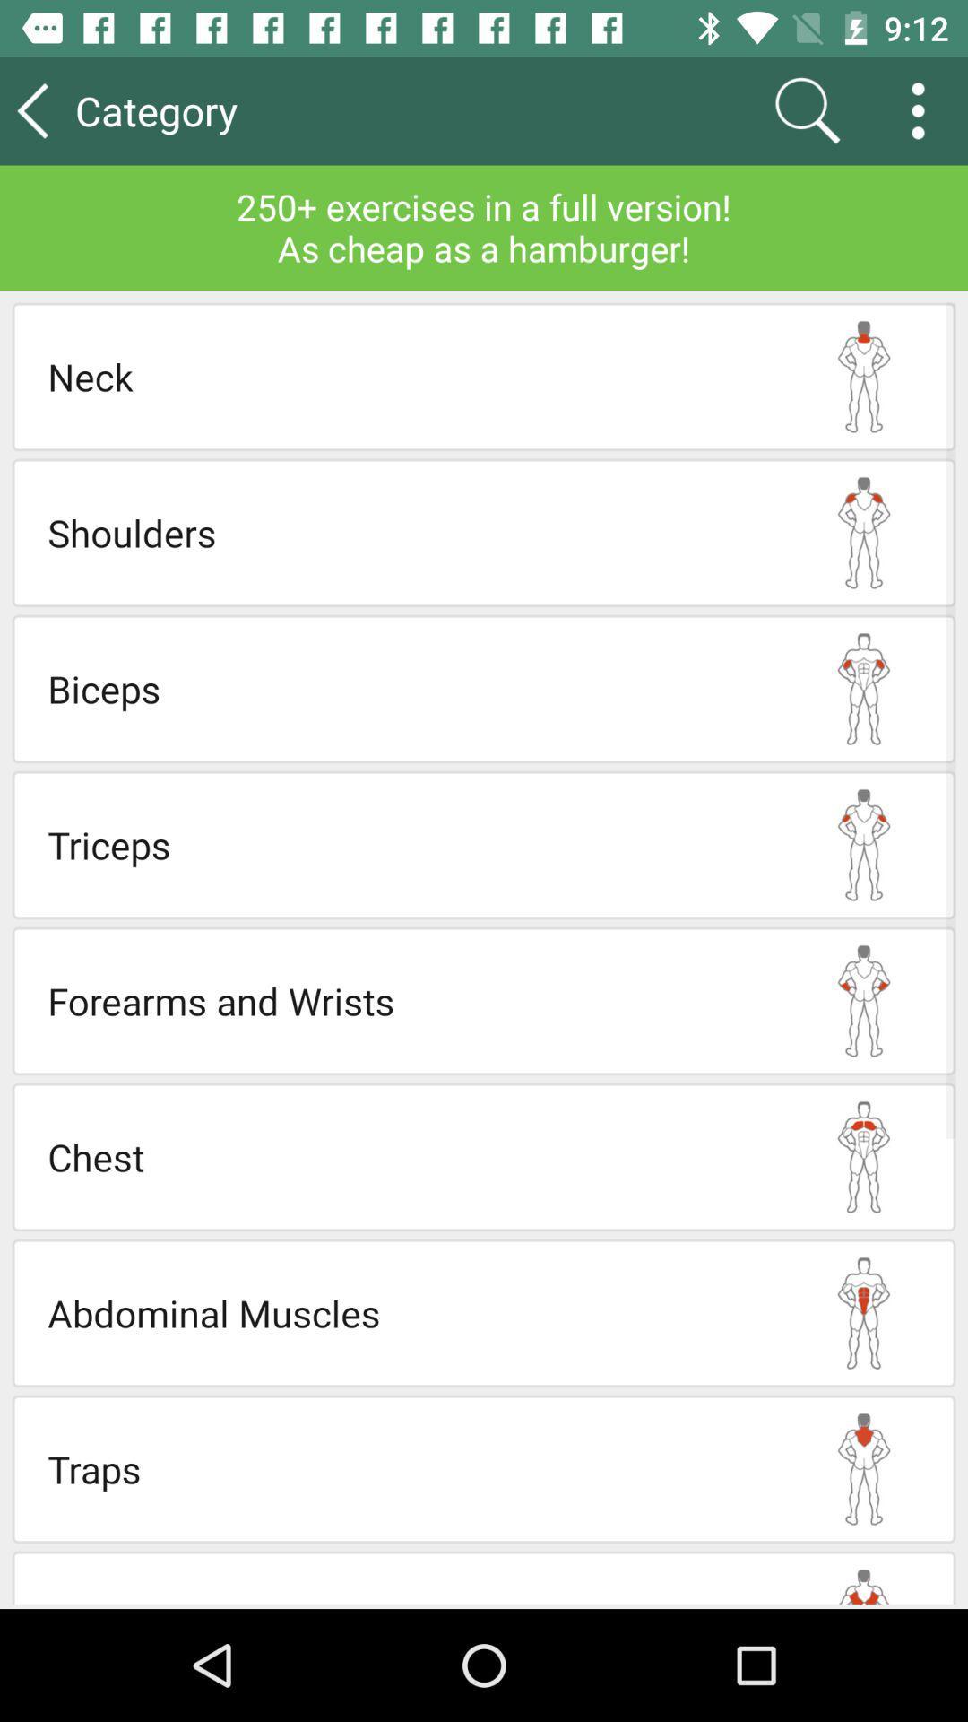  I want to click on abdominal muscles app, so click(410, 1313).